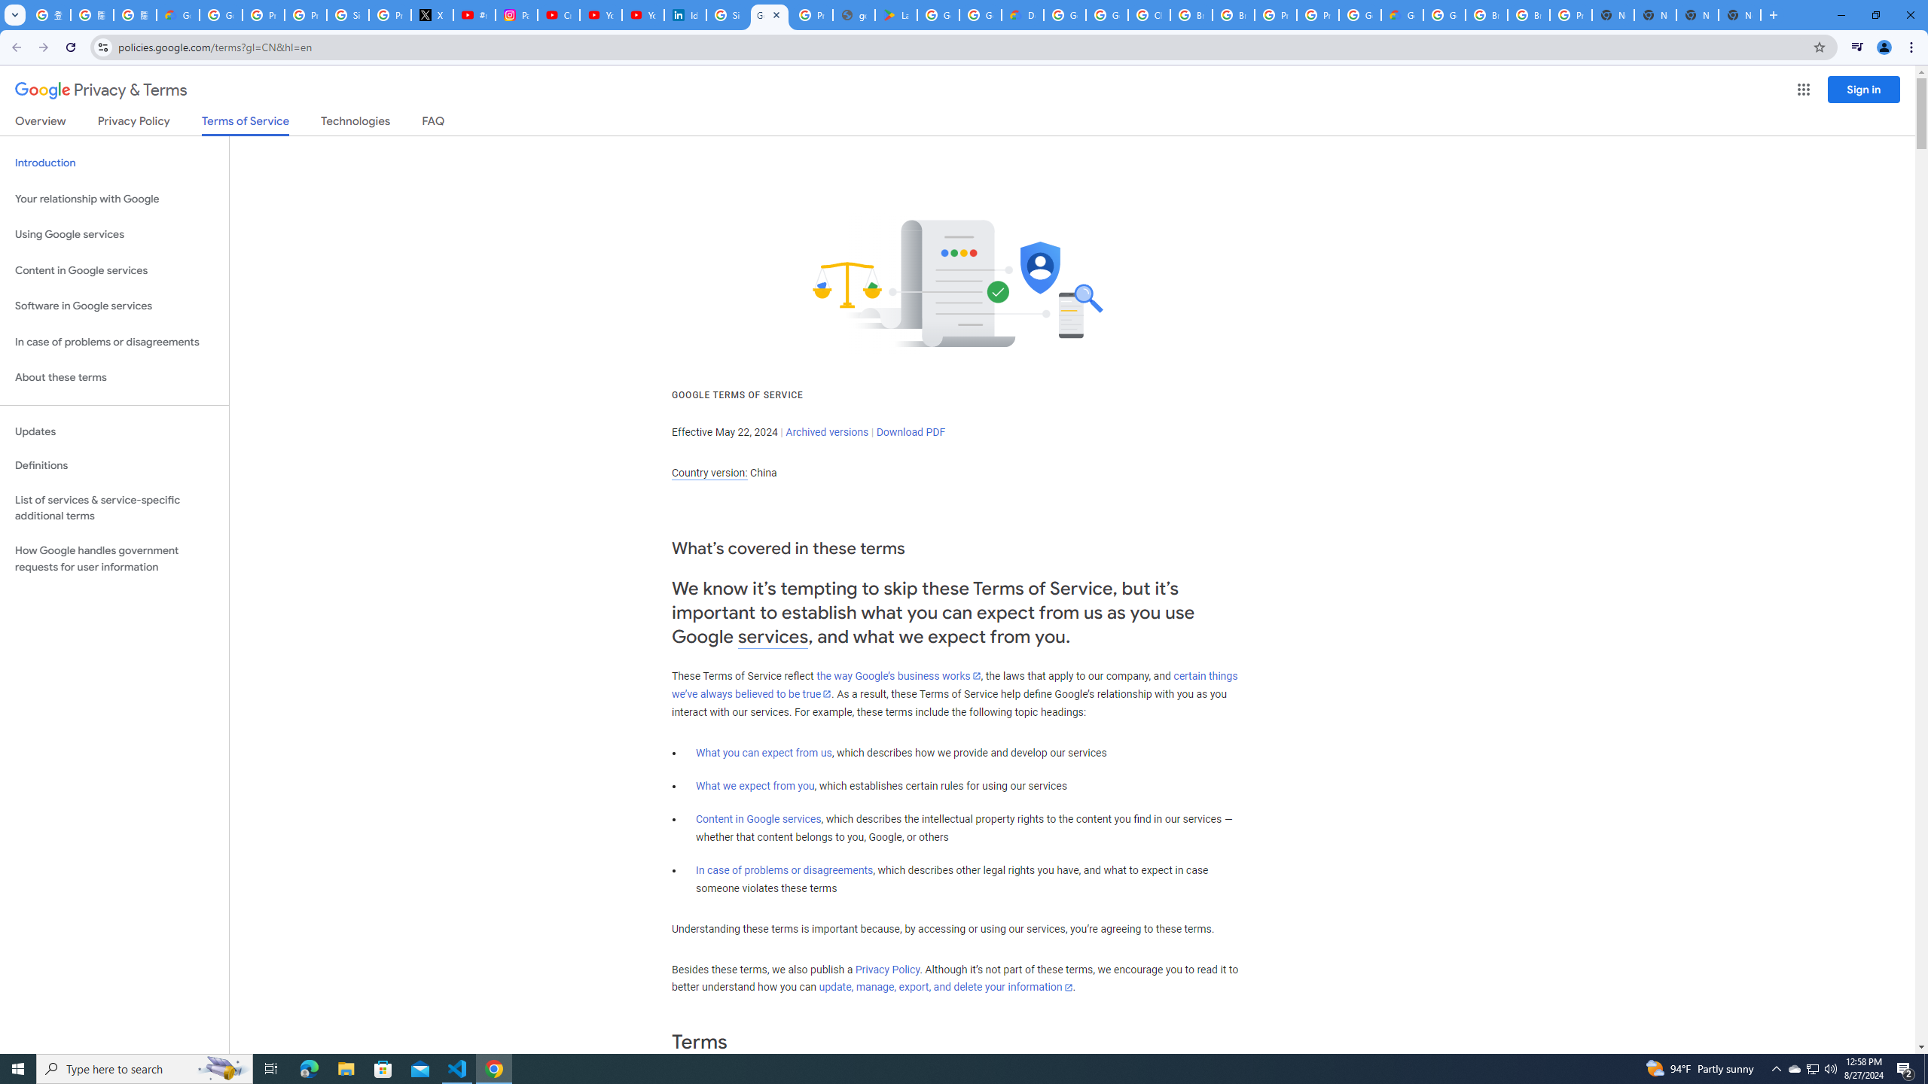 The width and height of the screenshot is (1928, 1084). I want to click on 'update, manage, export, and delete your information', so click(945, 986).